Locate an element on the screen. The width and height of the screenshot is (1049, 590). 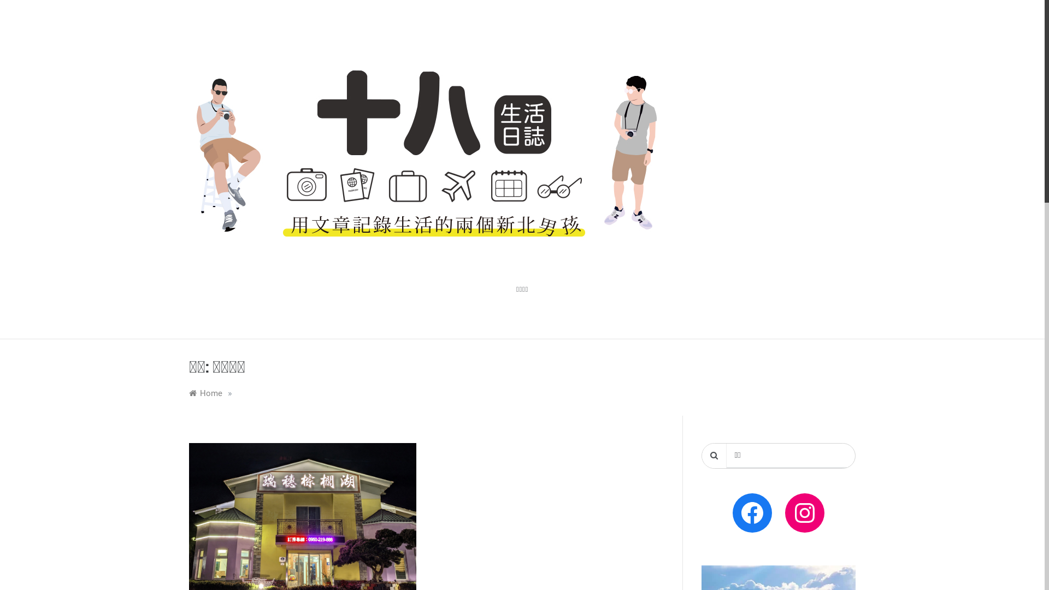
'Home' is located at coordinates (205, 393).